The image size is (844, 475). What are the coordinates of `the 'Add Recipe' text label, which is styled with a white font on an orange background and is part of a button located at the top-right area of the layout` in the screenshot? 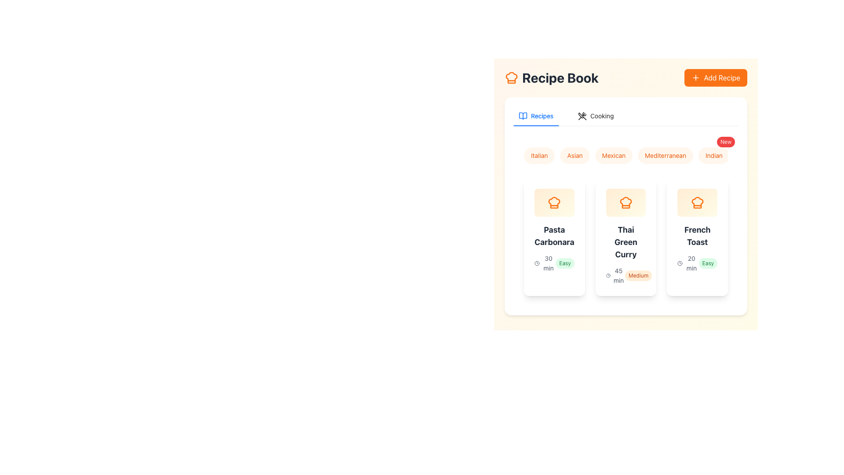 It's located at (722, 77).